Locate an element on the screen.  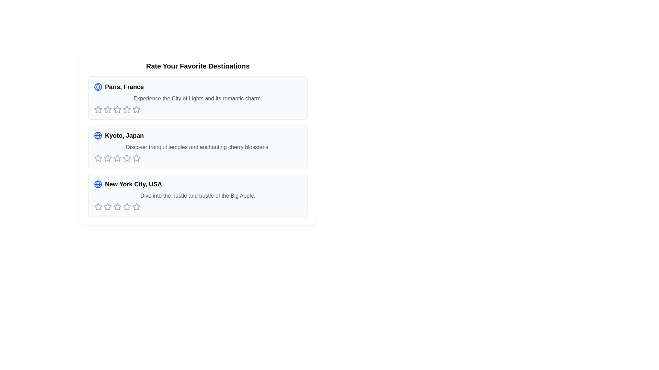
the second star from the left in the rating system under the 'New York City, USA' section to provide a two-star rating is located at coordinates (127, 206).